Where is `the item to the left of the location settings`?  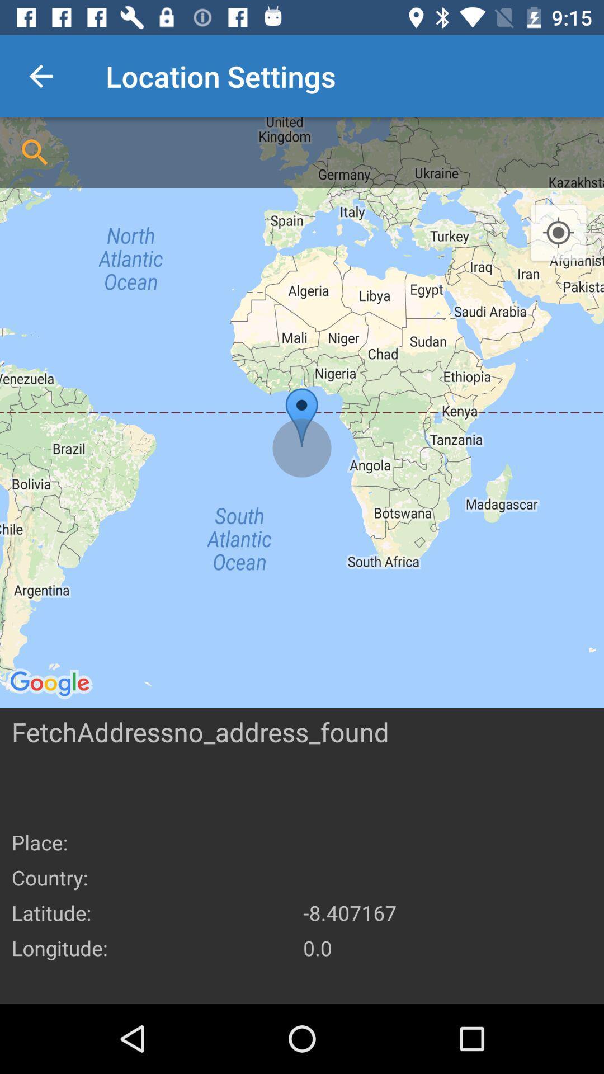 the item to the left of the location settings is located at coordinates (40, 76).